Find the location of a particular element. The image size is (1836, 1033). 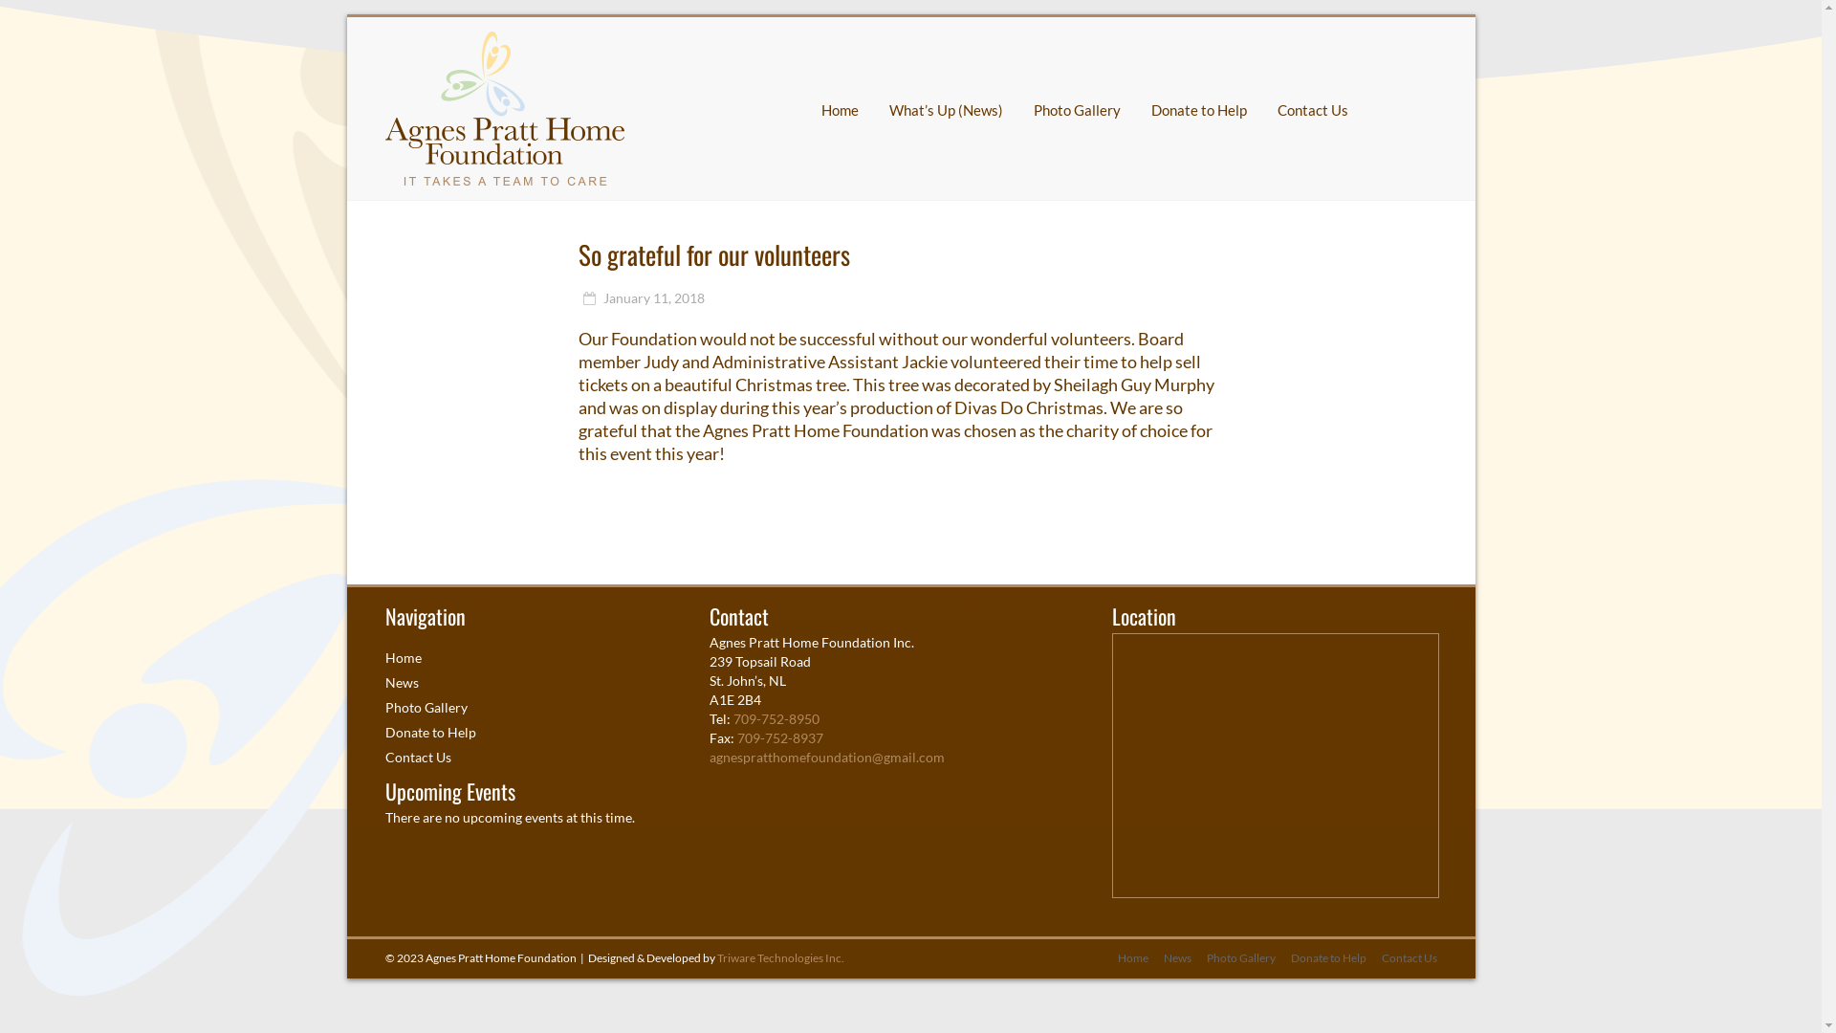

'709-752-8937' is located at coordinates (780, 736).